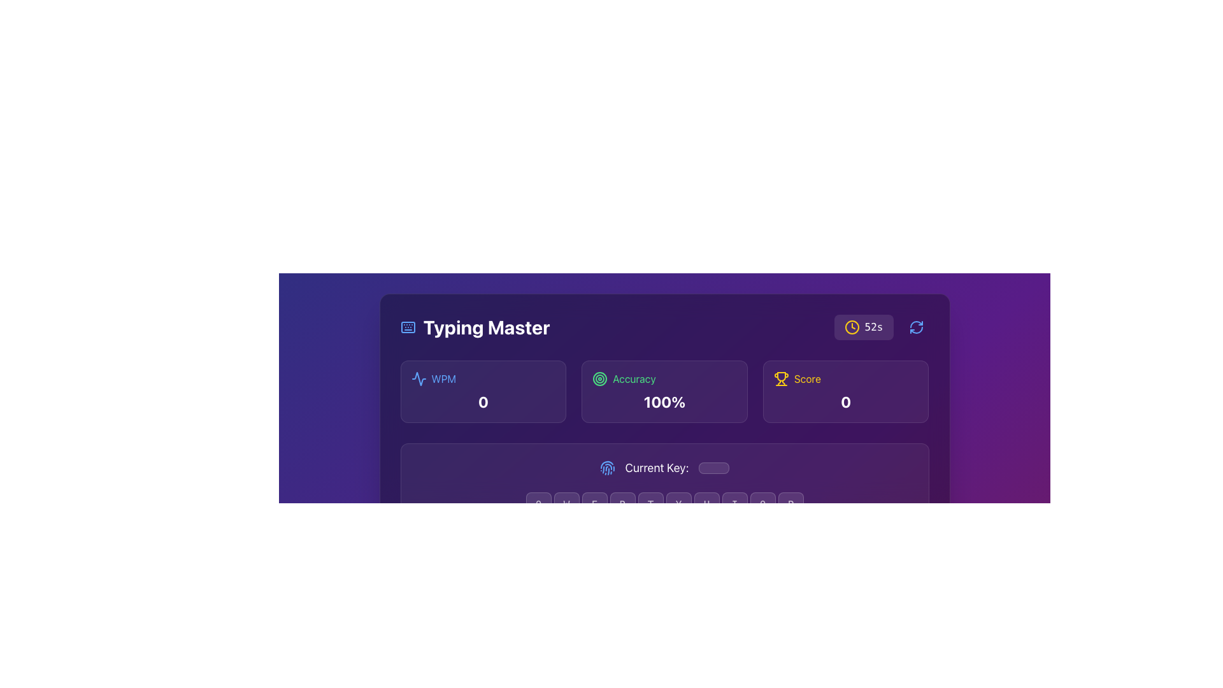 This screenshot has height=688, width=1223. What do you see at coordinates (622, 505) in the screenshot?
I see `the 'R' button, which is the fourth button in a sequence of ten keys (Q, W, E, R, T, Y, U, I, O, P) located below the label 'Current Key:'` at bounding box center [622, 505].